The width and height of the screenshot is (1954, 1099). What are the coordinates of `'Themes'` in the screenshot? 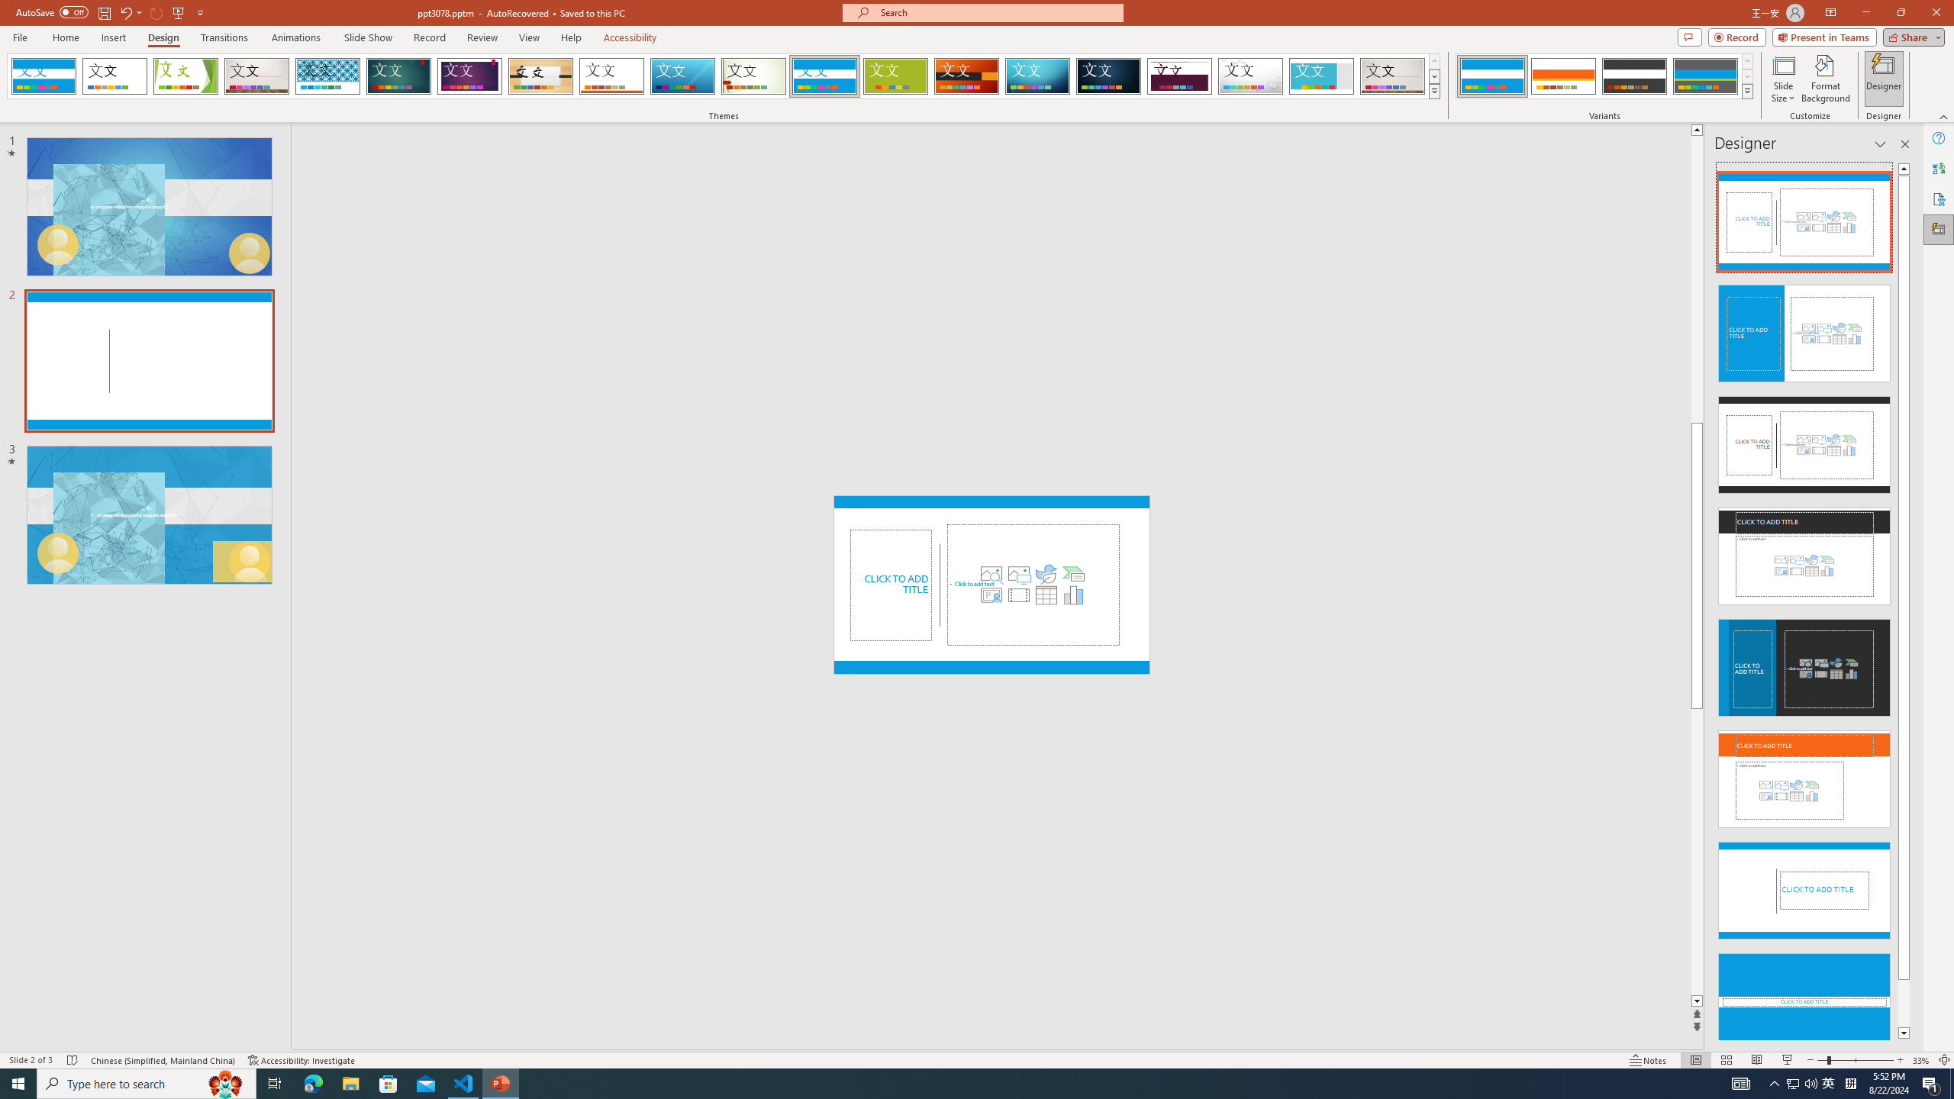 It's located at (1434, 90).